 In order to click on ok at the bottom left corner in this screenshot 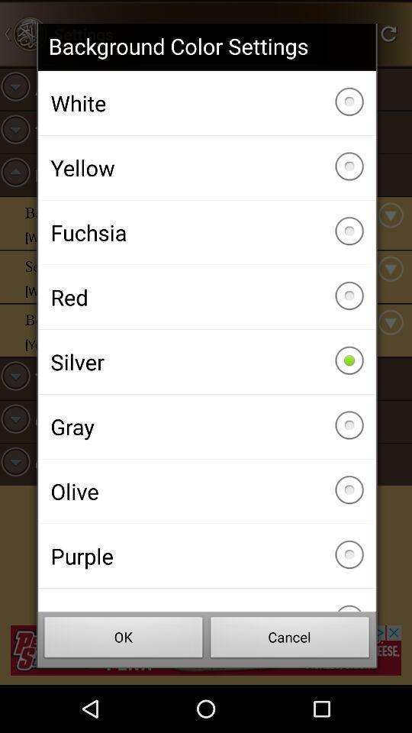, I will do `click(123, 639)`.